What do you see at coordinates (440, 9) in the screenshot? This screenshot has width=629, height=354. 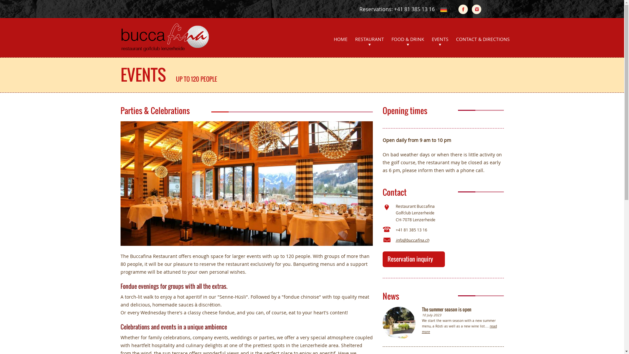 I see `'Deutsch'` at bounding box center [440, 9].